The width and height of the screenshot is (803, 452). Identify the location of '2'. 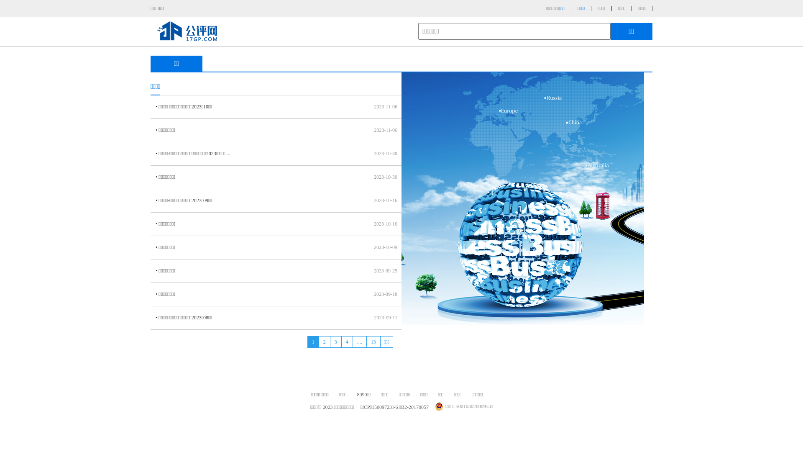
(318, 342).